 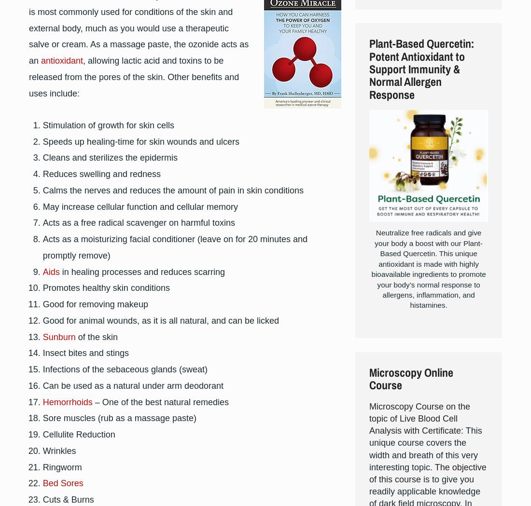 What do you see at coordinates (133, 385) in the screenshot?
I see `'Can be used as a natural under arm deodorant'` at bounding box center [133, 385].